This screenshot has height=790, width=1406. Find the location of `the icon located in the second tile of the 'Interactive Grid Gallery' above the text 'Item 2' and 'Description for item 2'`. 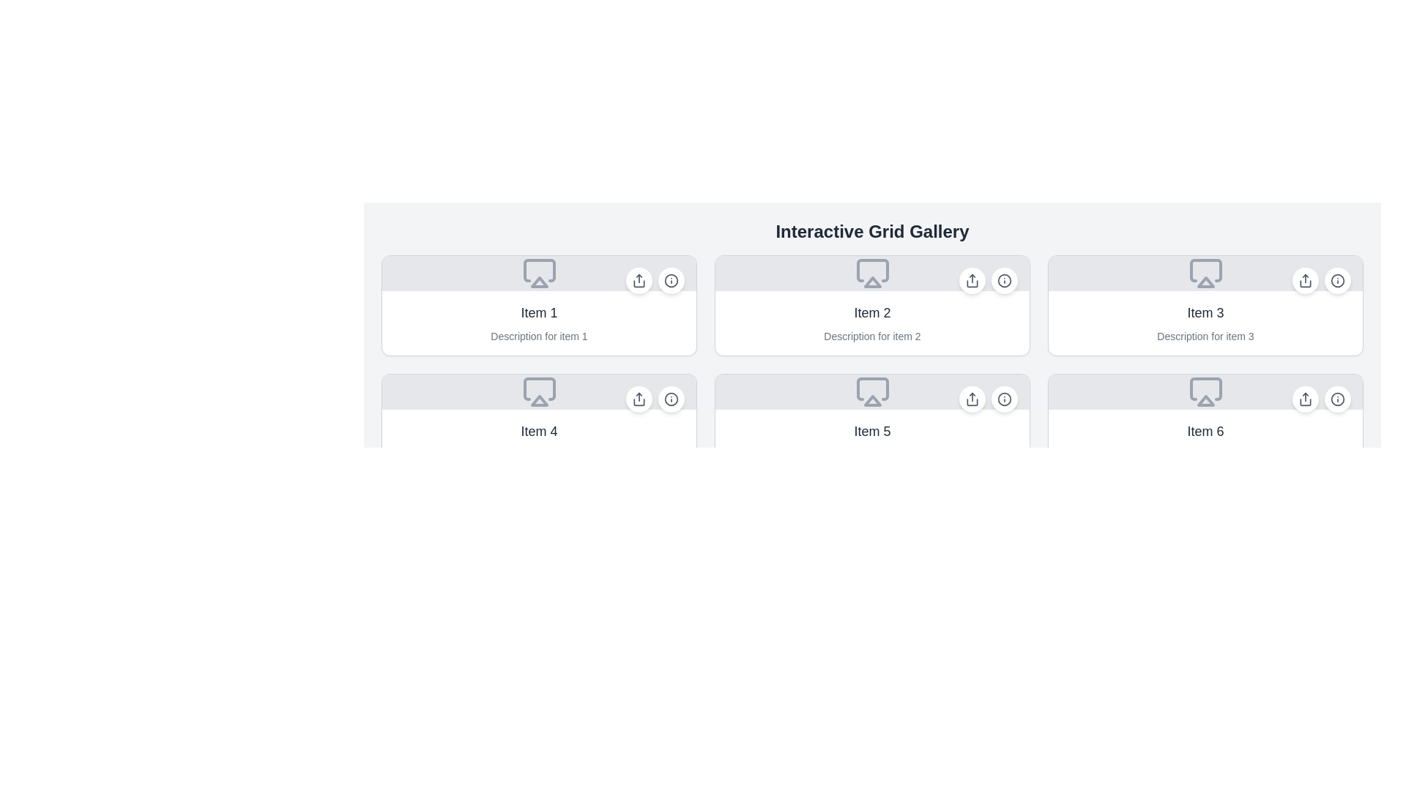

the icon located in the second tile of the 'Interactive Grid Gallery' above the text 'Item 2' and 'Description for item 2' is located at coordinates (872, 274).